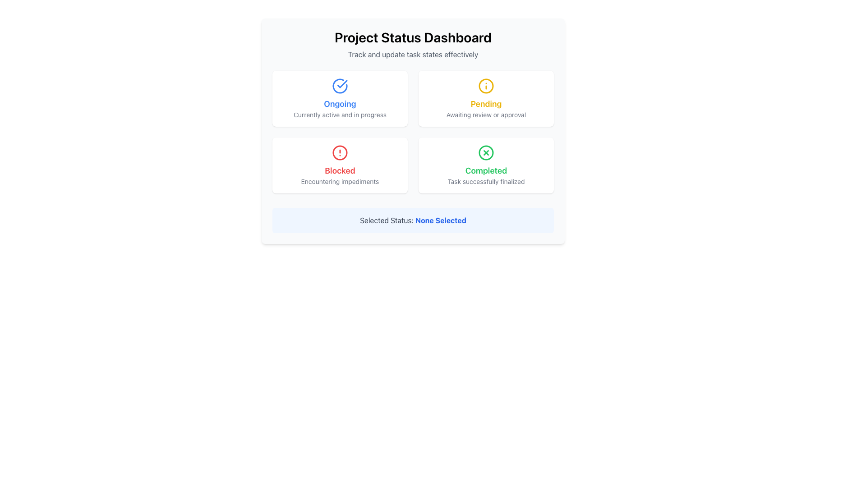 The width and height of the screenshot is (866, 487). What do you see at coordinates (486, 104) in the screenshot?
I see `the status label that indicates a pending task, located in the top right card of the dashboard interface, positioned below a yellow information icon and above the text 'Awaiting review or approval'` at bounding box center [486, 104].